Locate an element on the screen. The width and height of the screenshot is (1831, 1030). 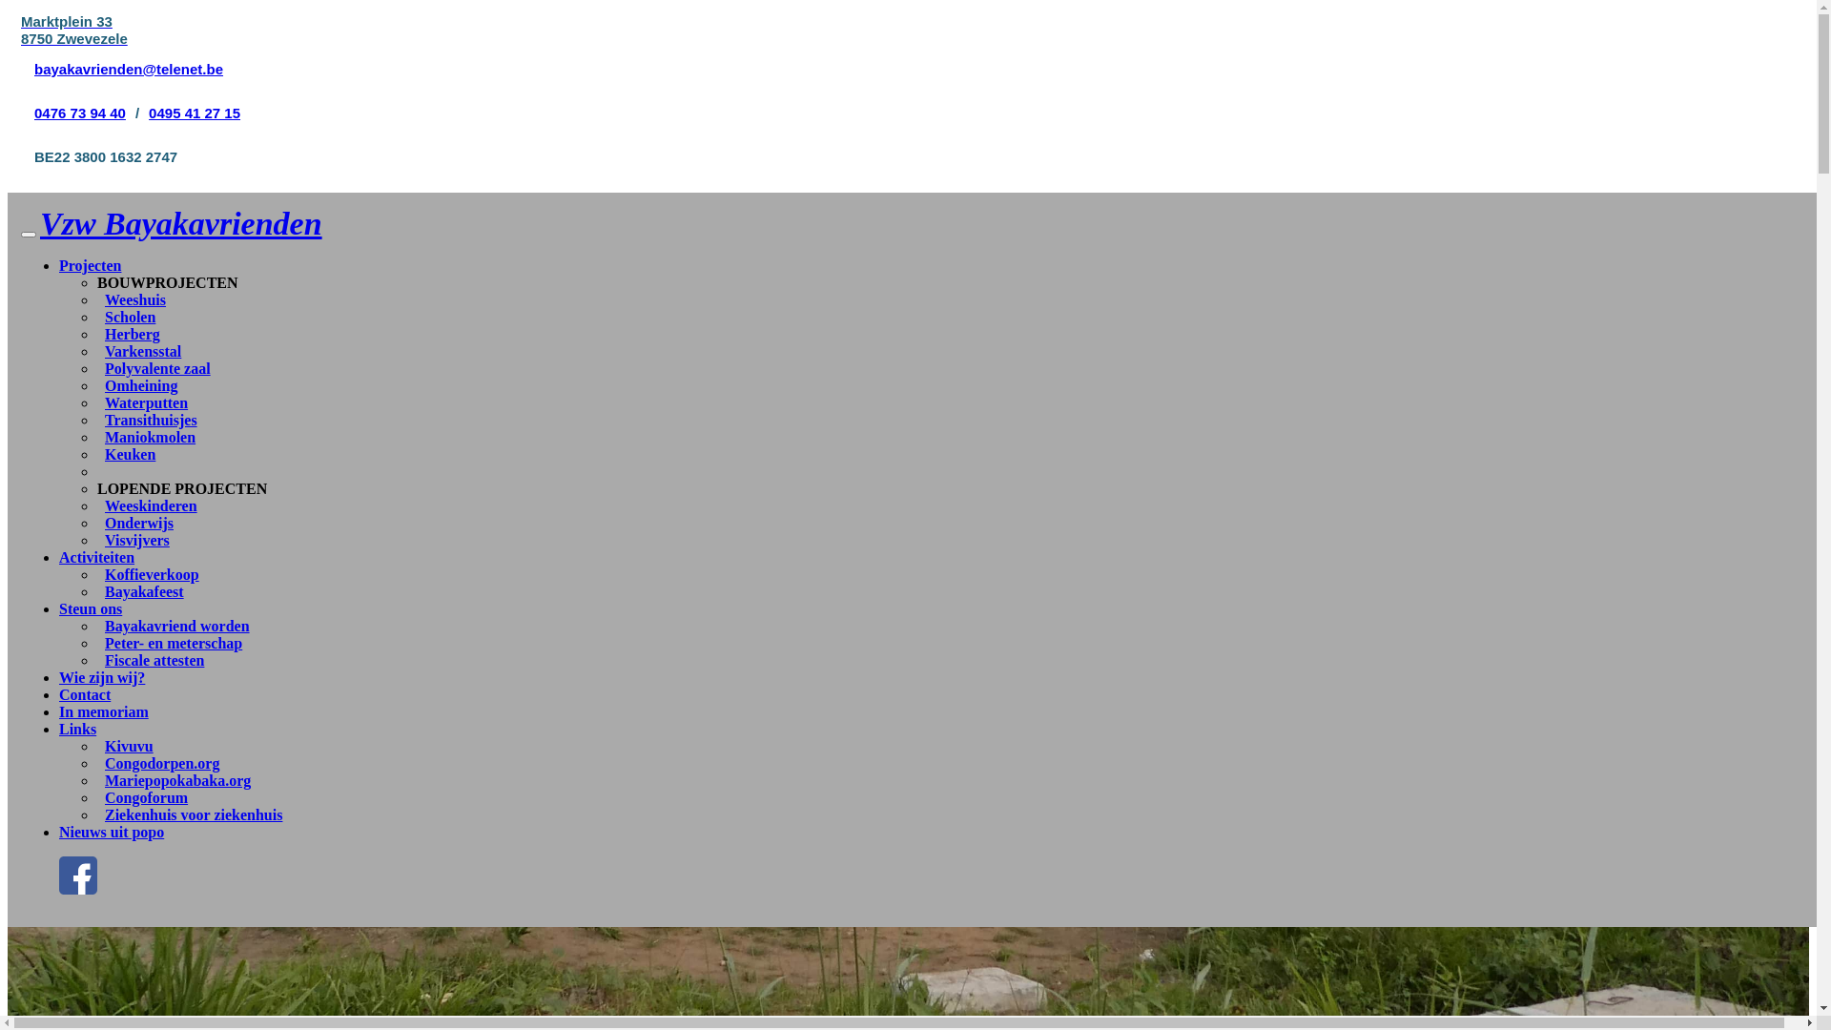
'0476 73 94 40' is located at coordinates (79, 113).